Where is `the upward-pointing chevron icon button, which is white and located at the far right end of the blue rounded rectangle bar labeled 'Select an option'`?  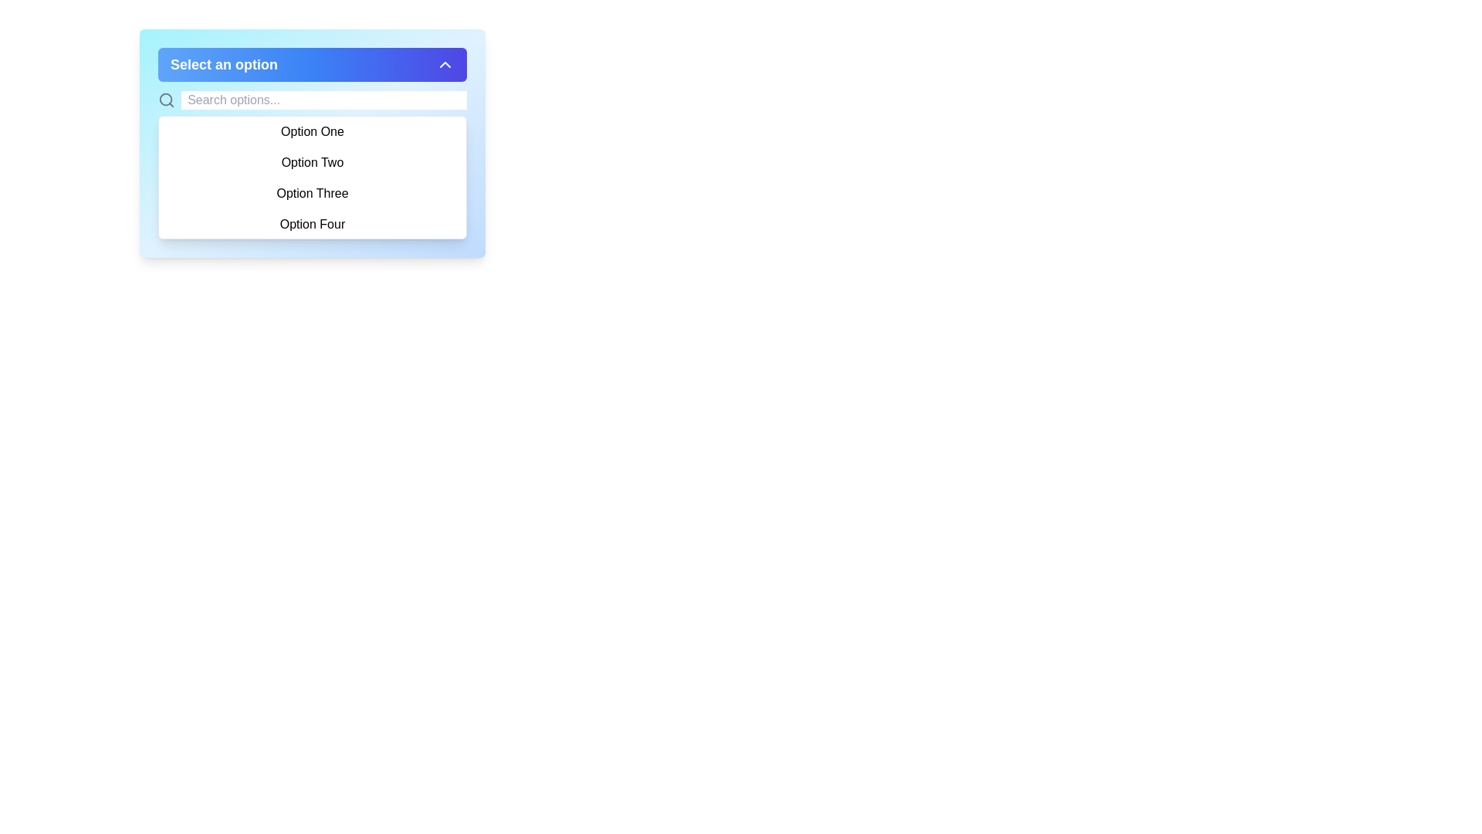
the upward-pointing chevron icon button, which is white and located at the far right end of the blue rounded rectangle bar labeled 'Select an option' is located at coordinates (444, 64).